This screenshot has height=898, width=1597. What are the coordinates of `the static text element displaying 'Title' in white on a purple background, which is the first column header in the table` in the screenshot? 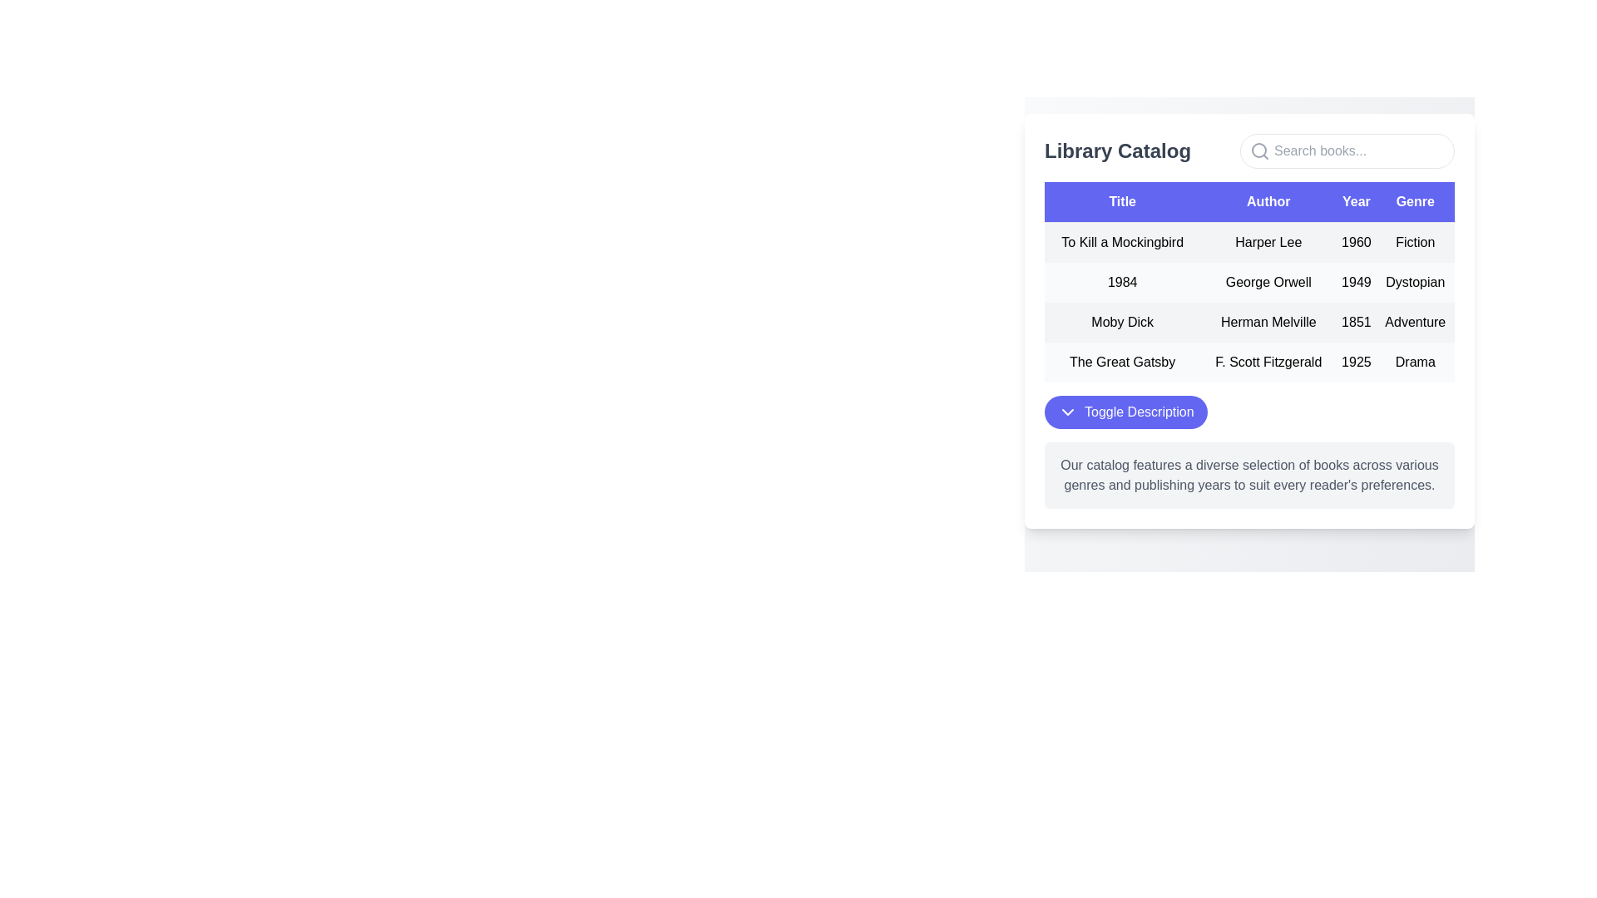 It's located at (1122, 201).